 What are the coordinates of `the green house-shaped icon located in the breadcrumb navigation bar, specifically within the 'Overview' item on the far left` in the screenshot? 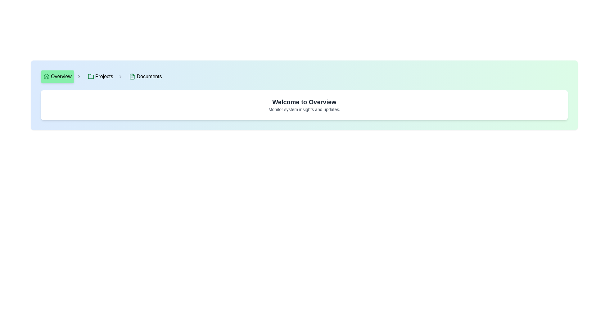 It's located at (46, 76).